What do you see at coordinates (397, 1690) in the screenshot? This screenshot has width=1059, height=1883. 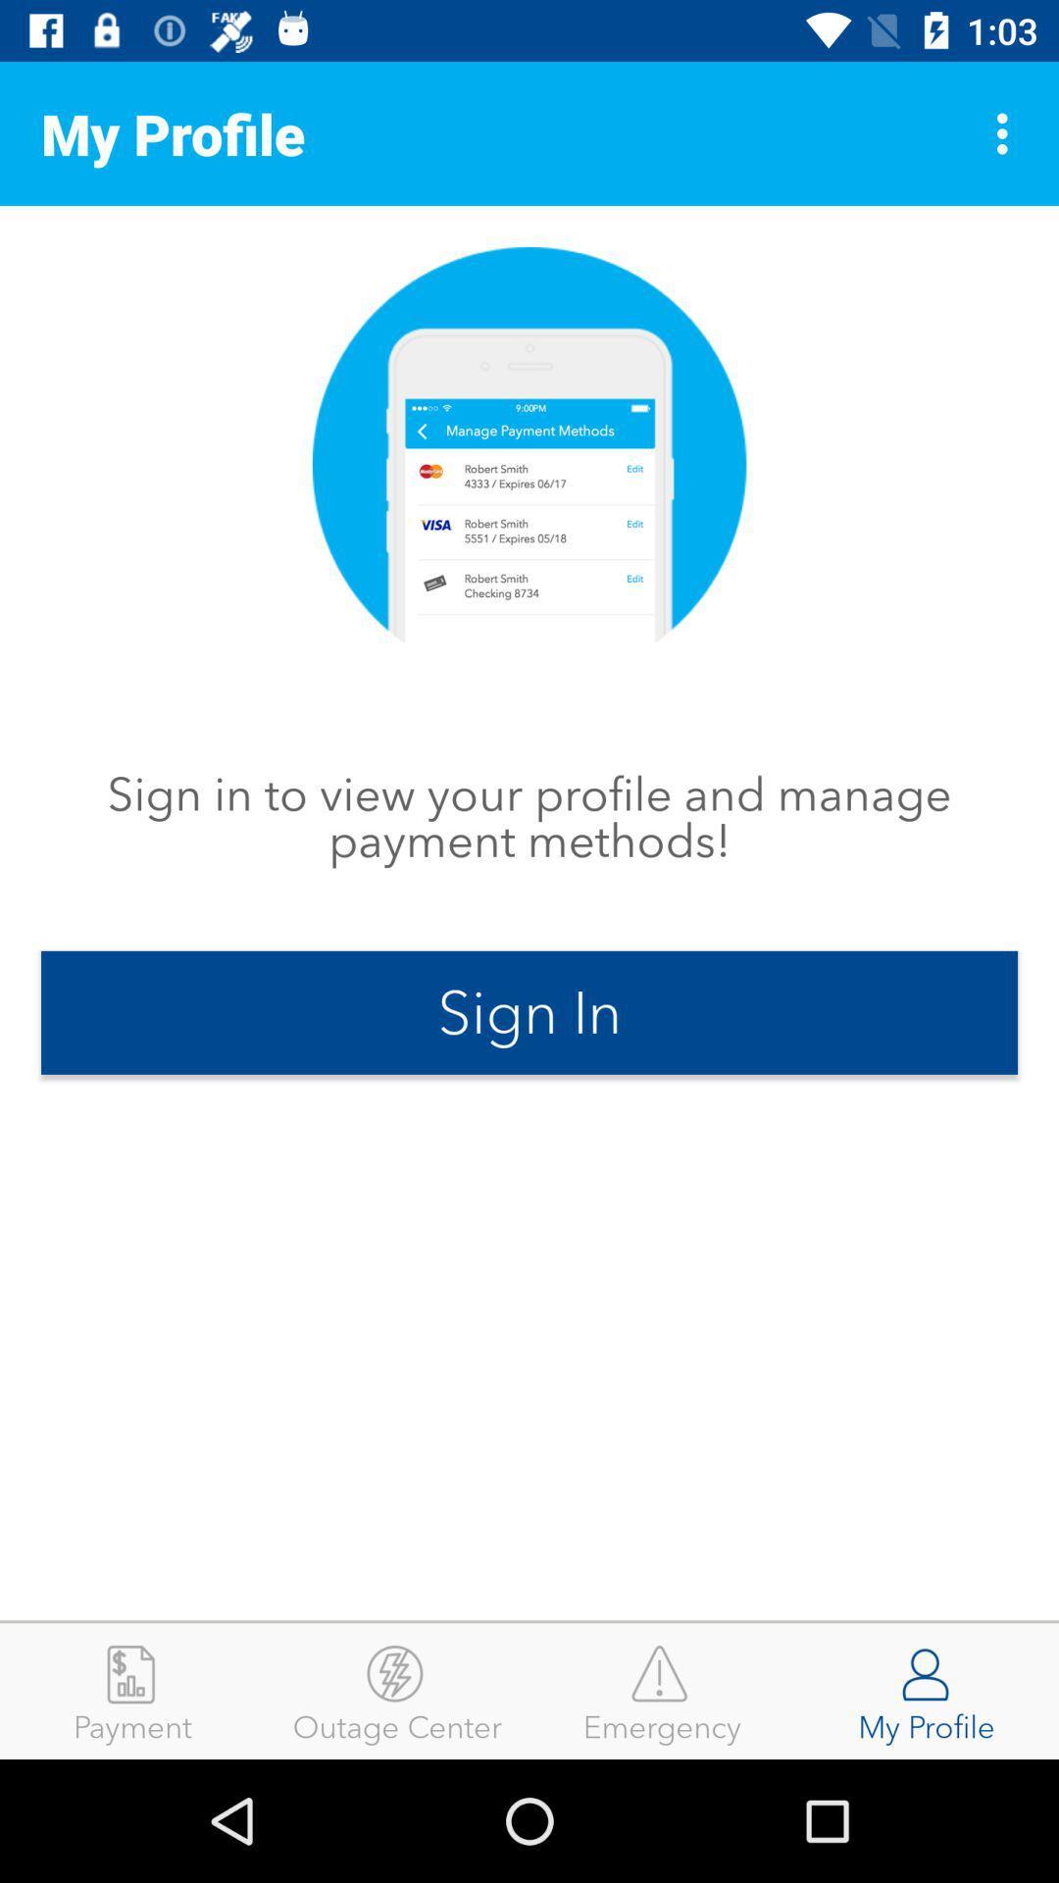 I see `item to the right of payment item` at bounding box center [397, 1690].